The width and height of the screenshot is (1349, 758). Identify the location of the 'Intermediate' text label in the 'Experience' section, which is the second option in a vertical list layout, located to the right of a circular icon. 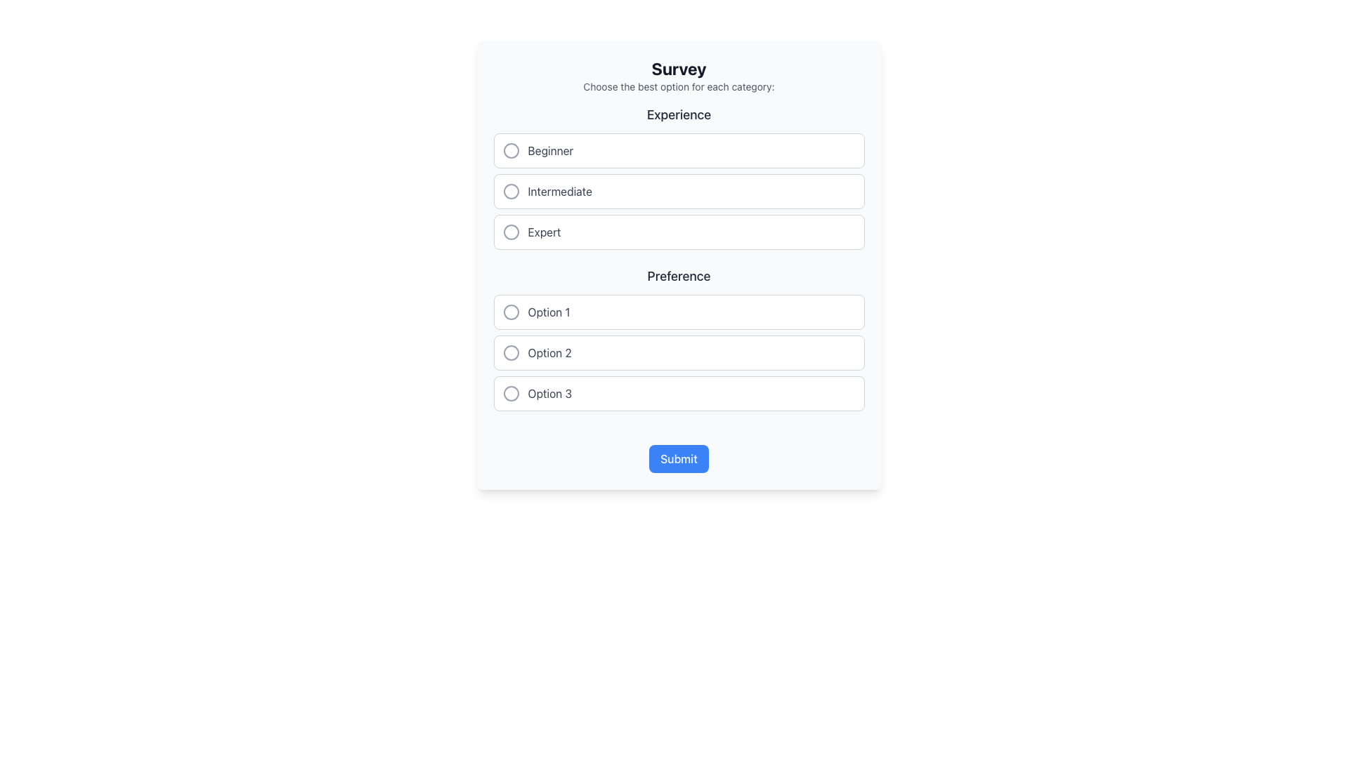
(559, 192).